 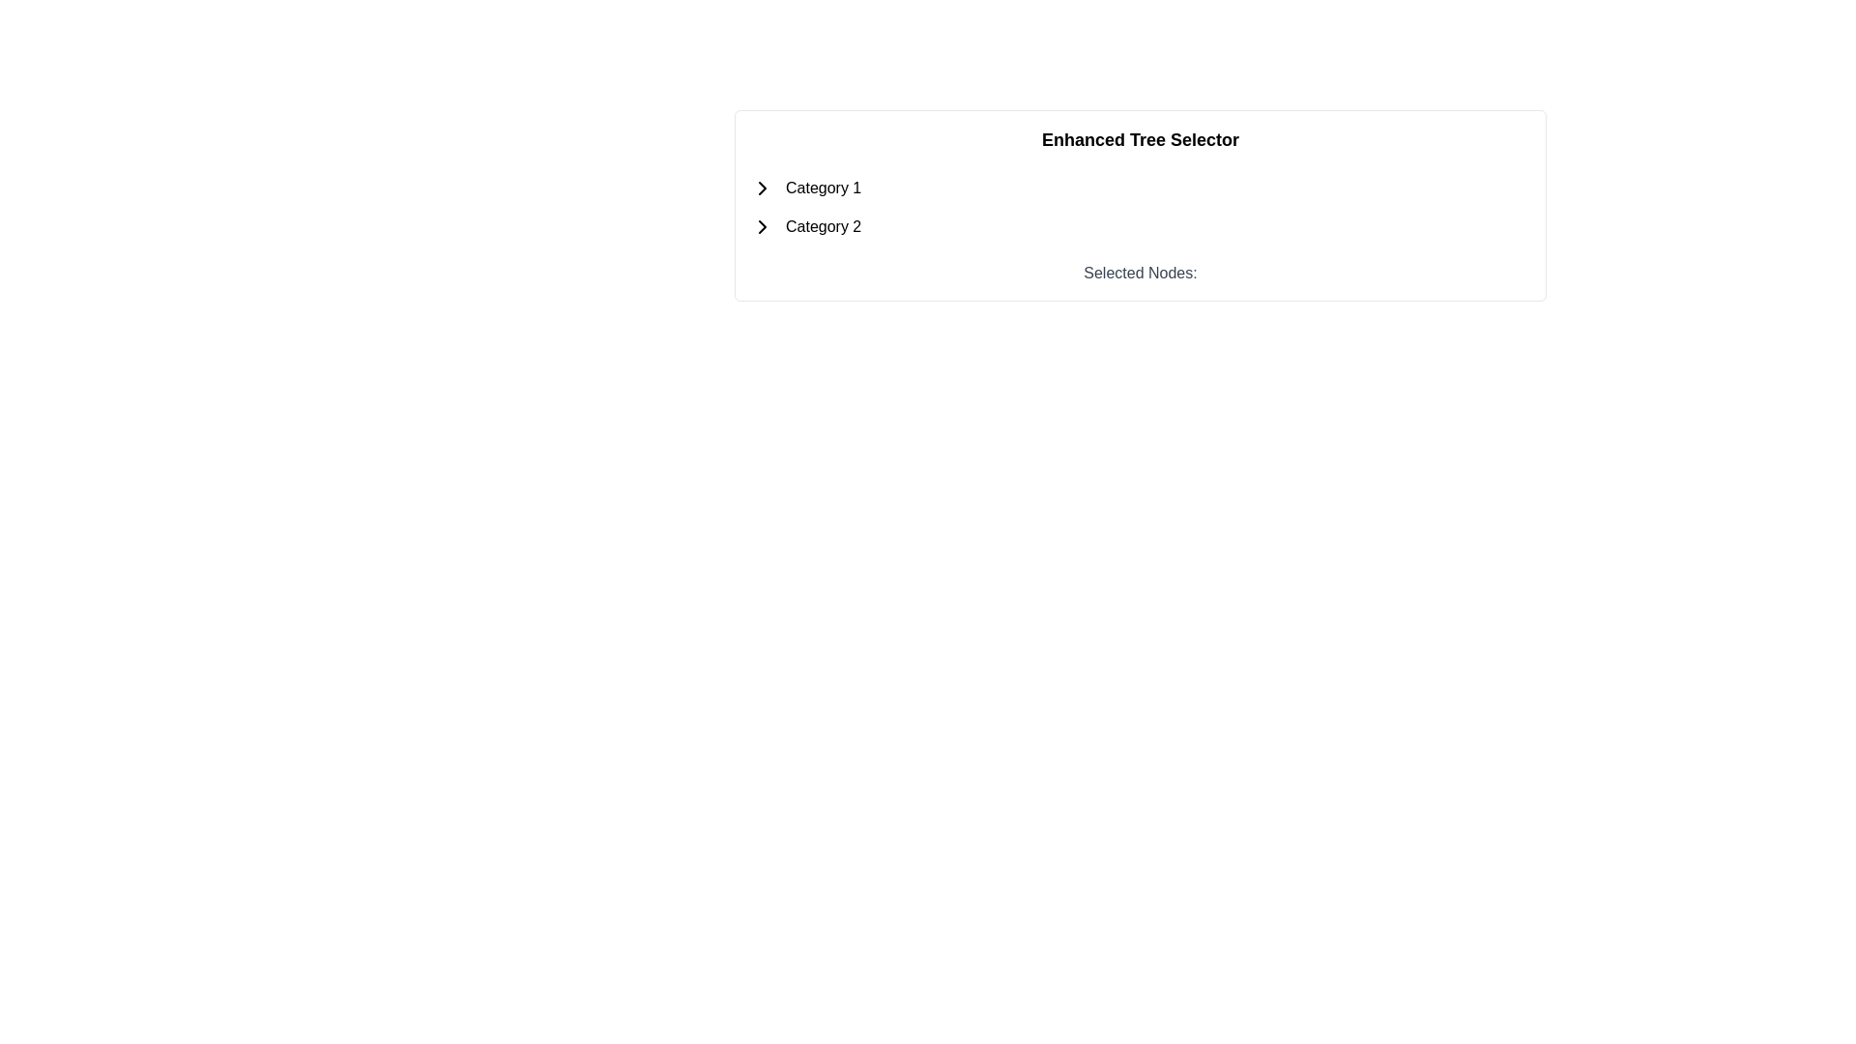 What do you see at coordinates (761, 226) in the screenshot?
I see `the vector graphic icon indicating that 'Category 2' can be expanded in the Enhanced Tree Selector interface` at bounding box center [761, 226].